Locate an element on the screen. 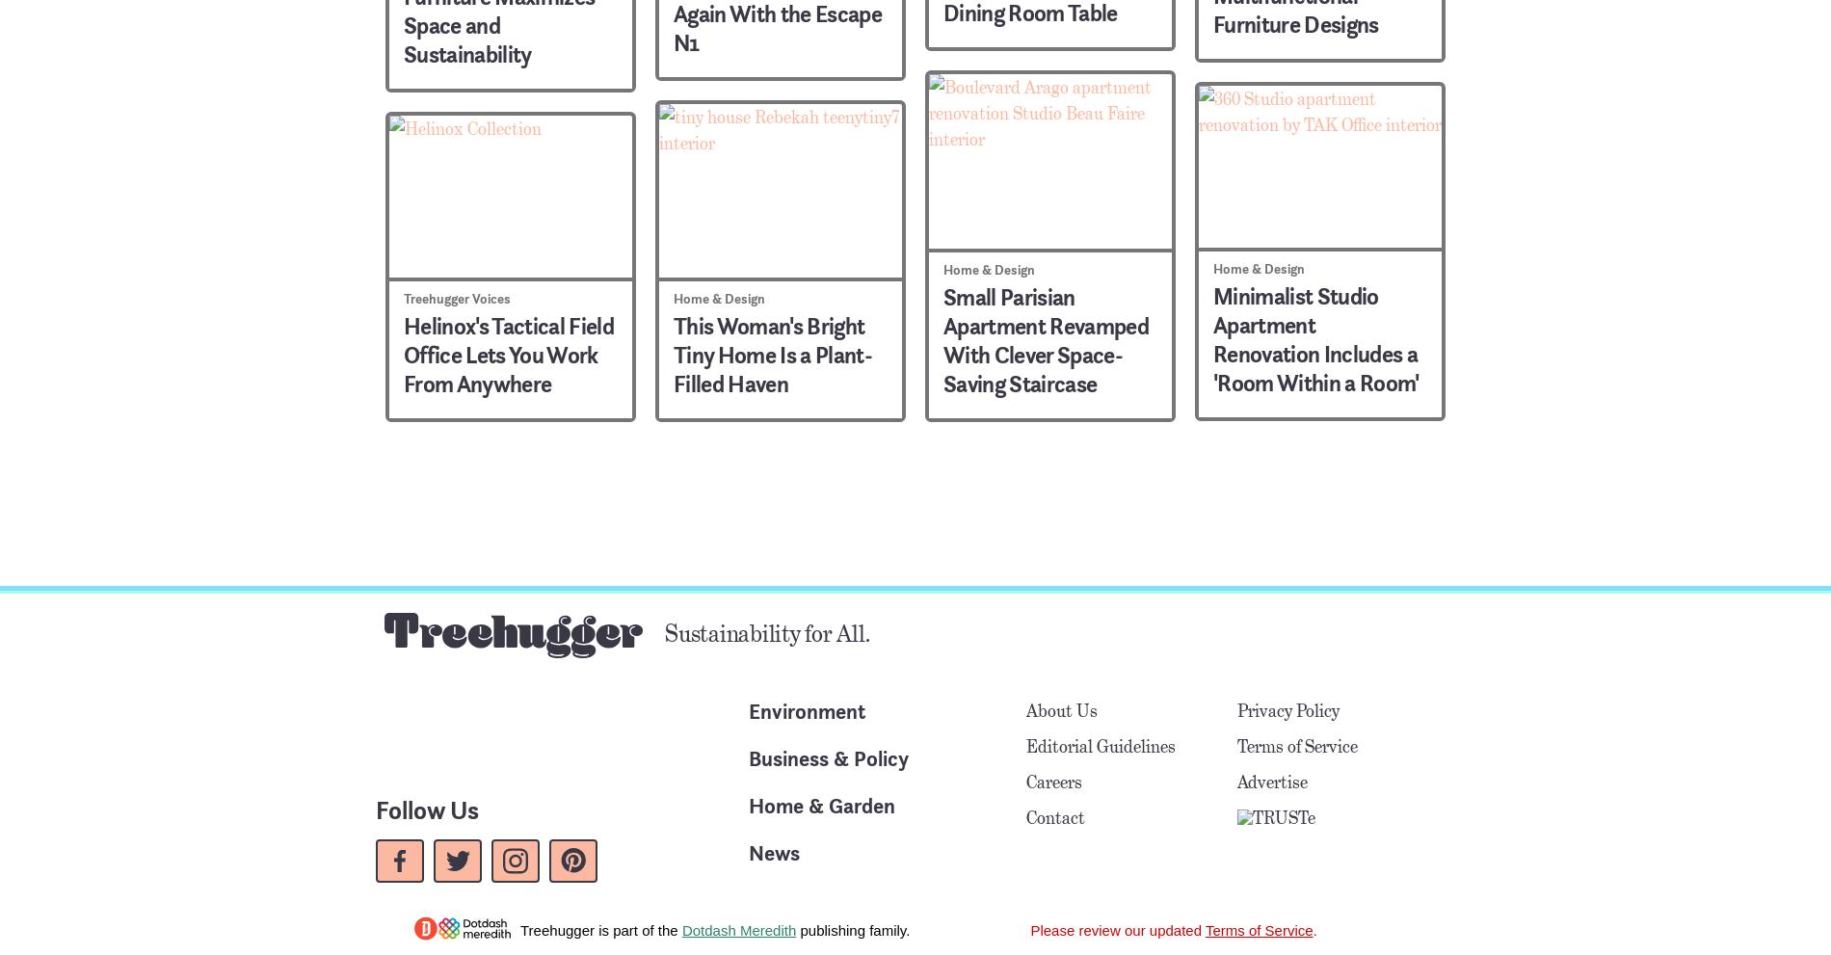 This screenshot has width=1831, height=955. 'Follow Us' is located at coordinates (426, 809).